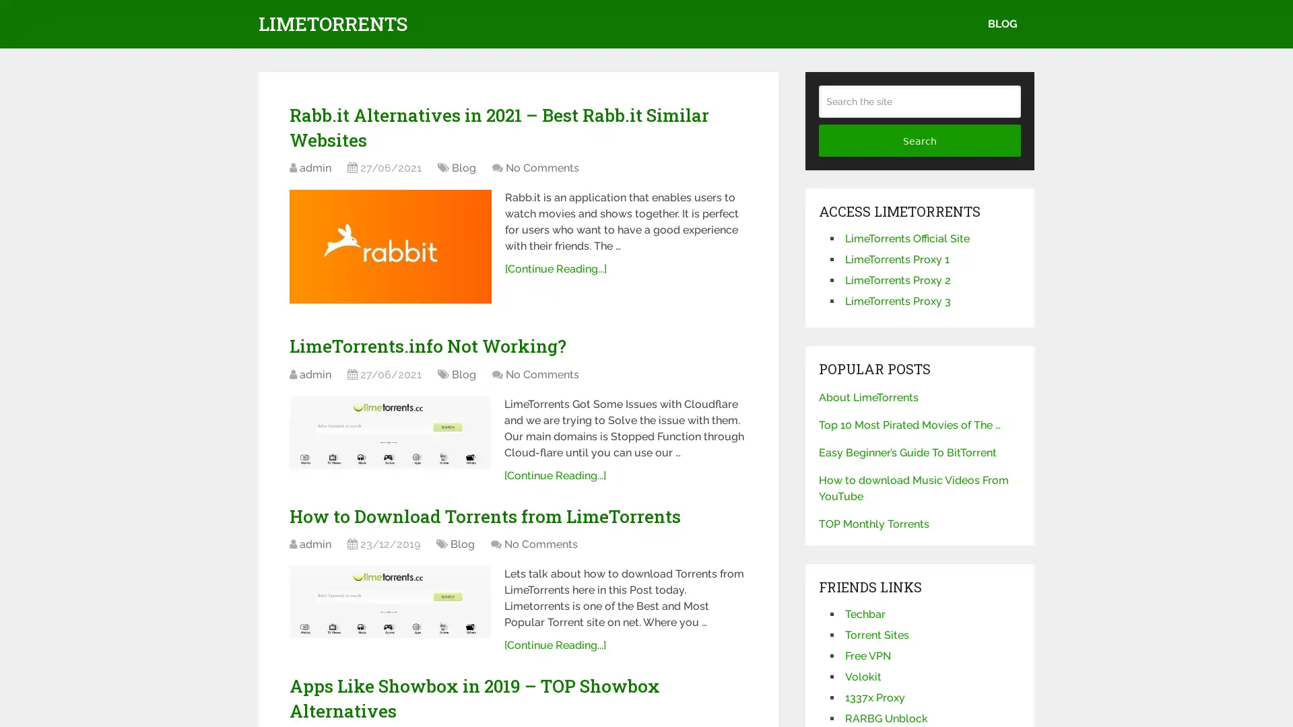 This screenshot has height=727, width=1293. I want to click on Search, so click(919, 140).